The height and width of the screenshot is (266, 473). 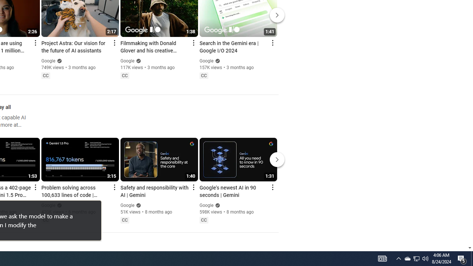 What do you see at coordinates (206, 205) in the screenshot?
I see `'Google'` at bounding box center [206, 205].